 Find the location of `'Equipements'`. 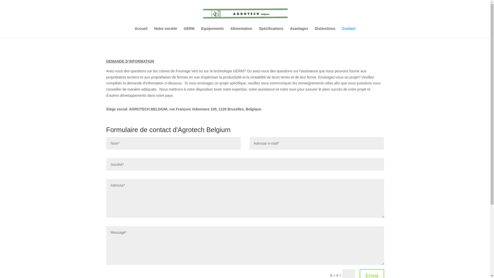

'Equipements' is located at coordinates (212, 32).